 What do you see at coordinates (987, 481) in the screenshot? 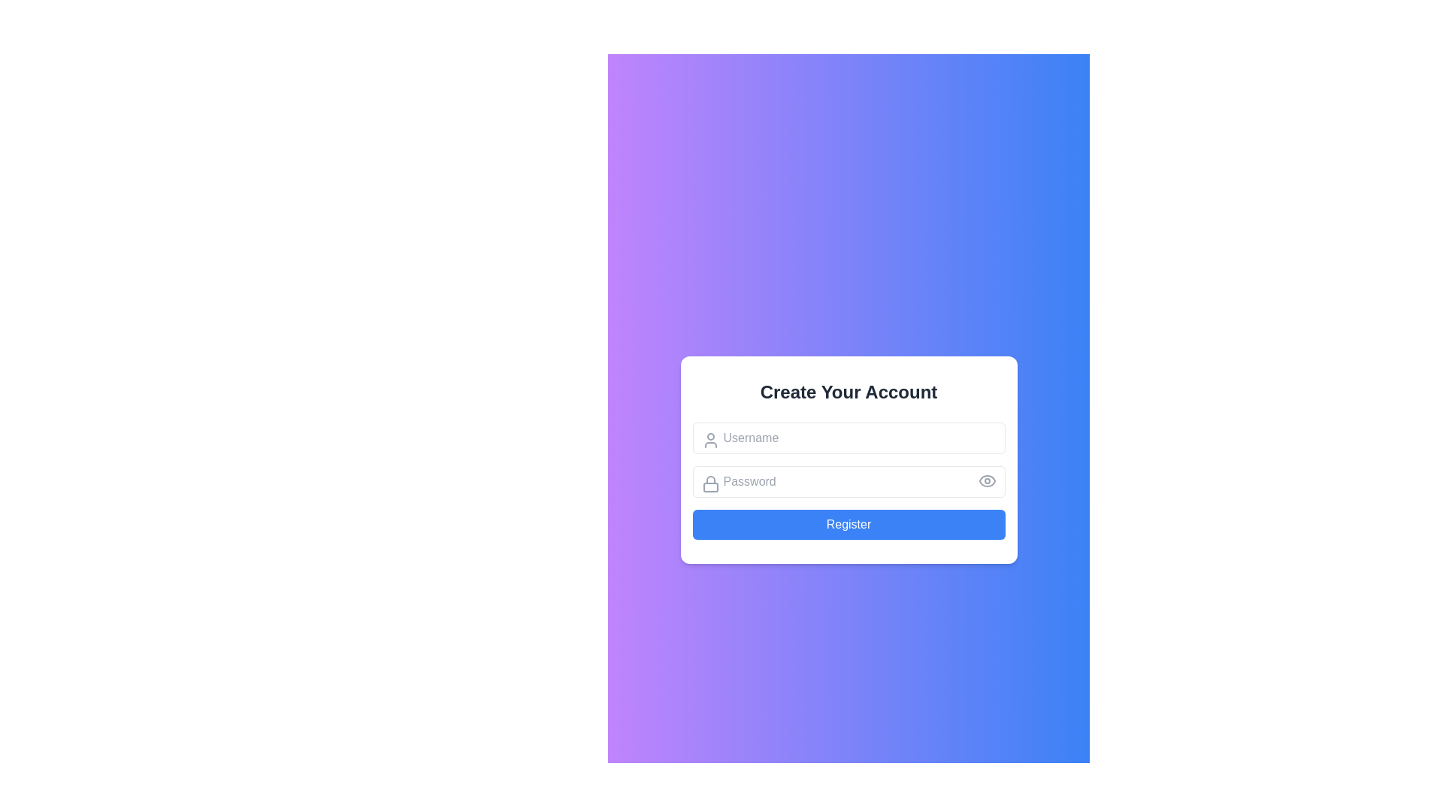
I see `the small gray eye icon button located at the far-right end of the password input field` at bounding box center [987, 481].